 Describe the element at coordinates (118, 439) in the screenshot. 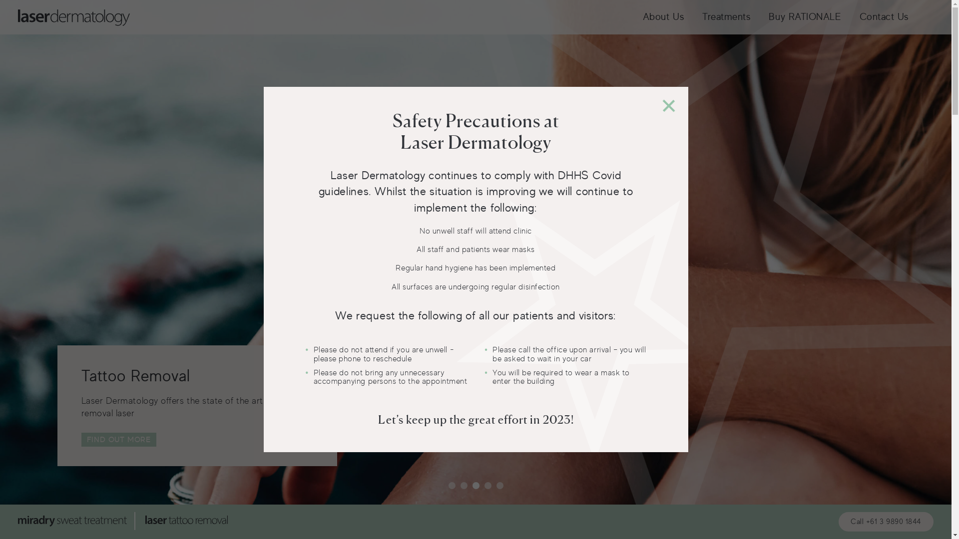

I see `'FIND OUT MORE'` at that location.